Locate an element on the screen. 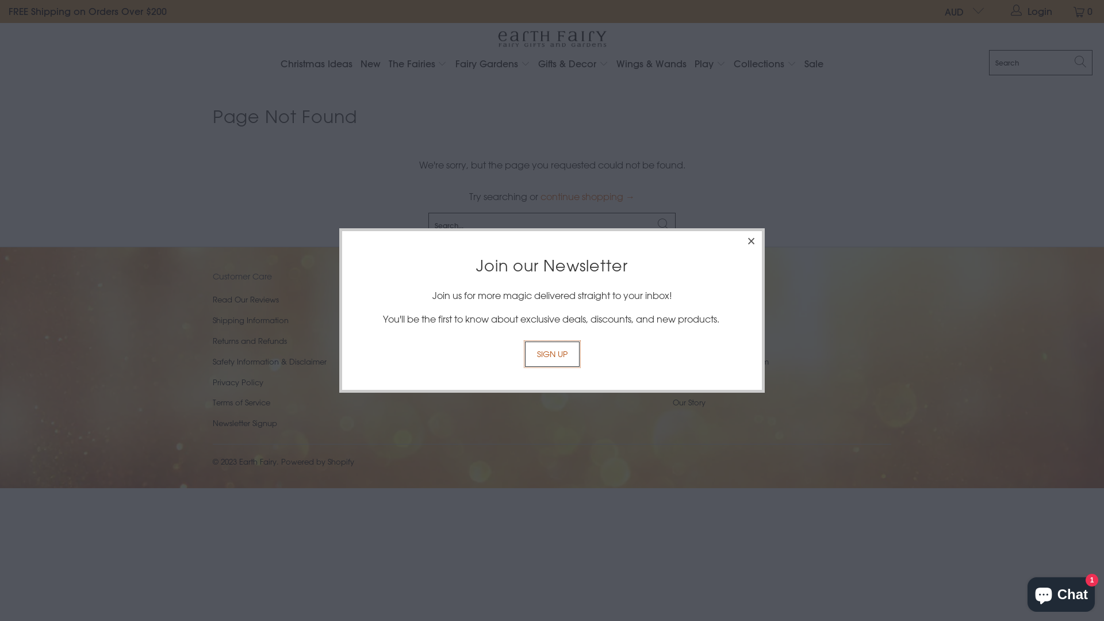 The height and width of the screenshot is (621, 1104). 'Read Our Reviews' is located at coordinates (245, 298).